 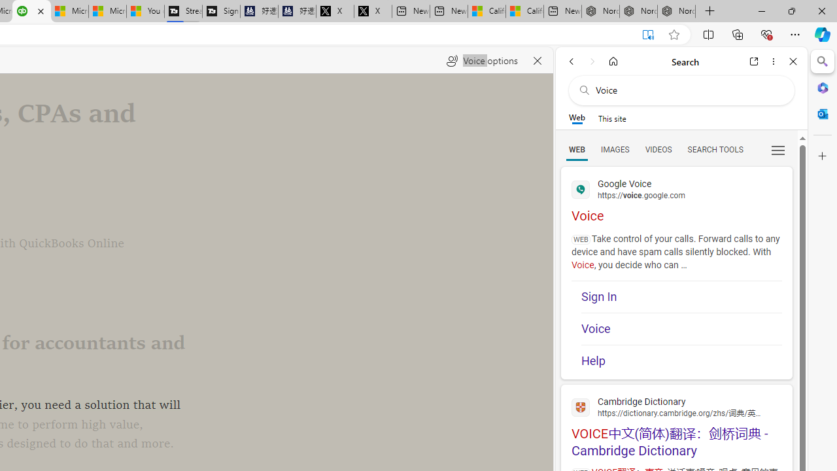 What do you see at coordinates (658, 148) in the screenshot?
I see `'VIDEOS'` at bounding box center [658, 148].